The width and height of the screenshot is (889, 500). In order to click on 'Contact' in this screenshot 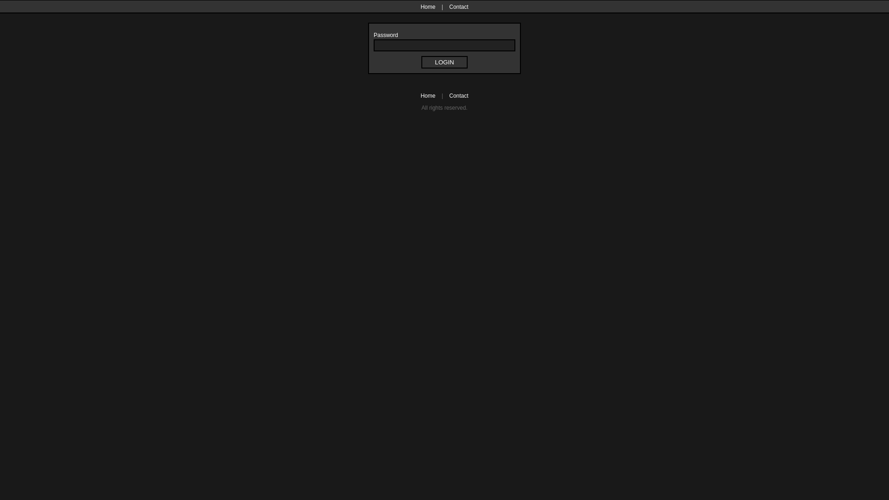, I will do `click(456, 7)`.